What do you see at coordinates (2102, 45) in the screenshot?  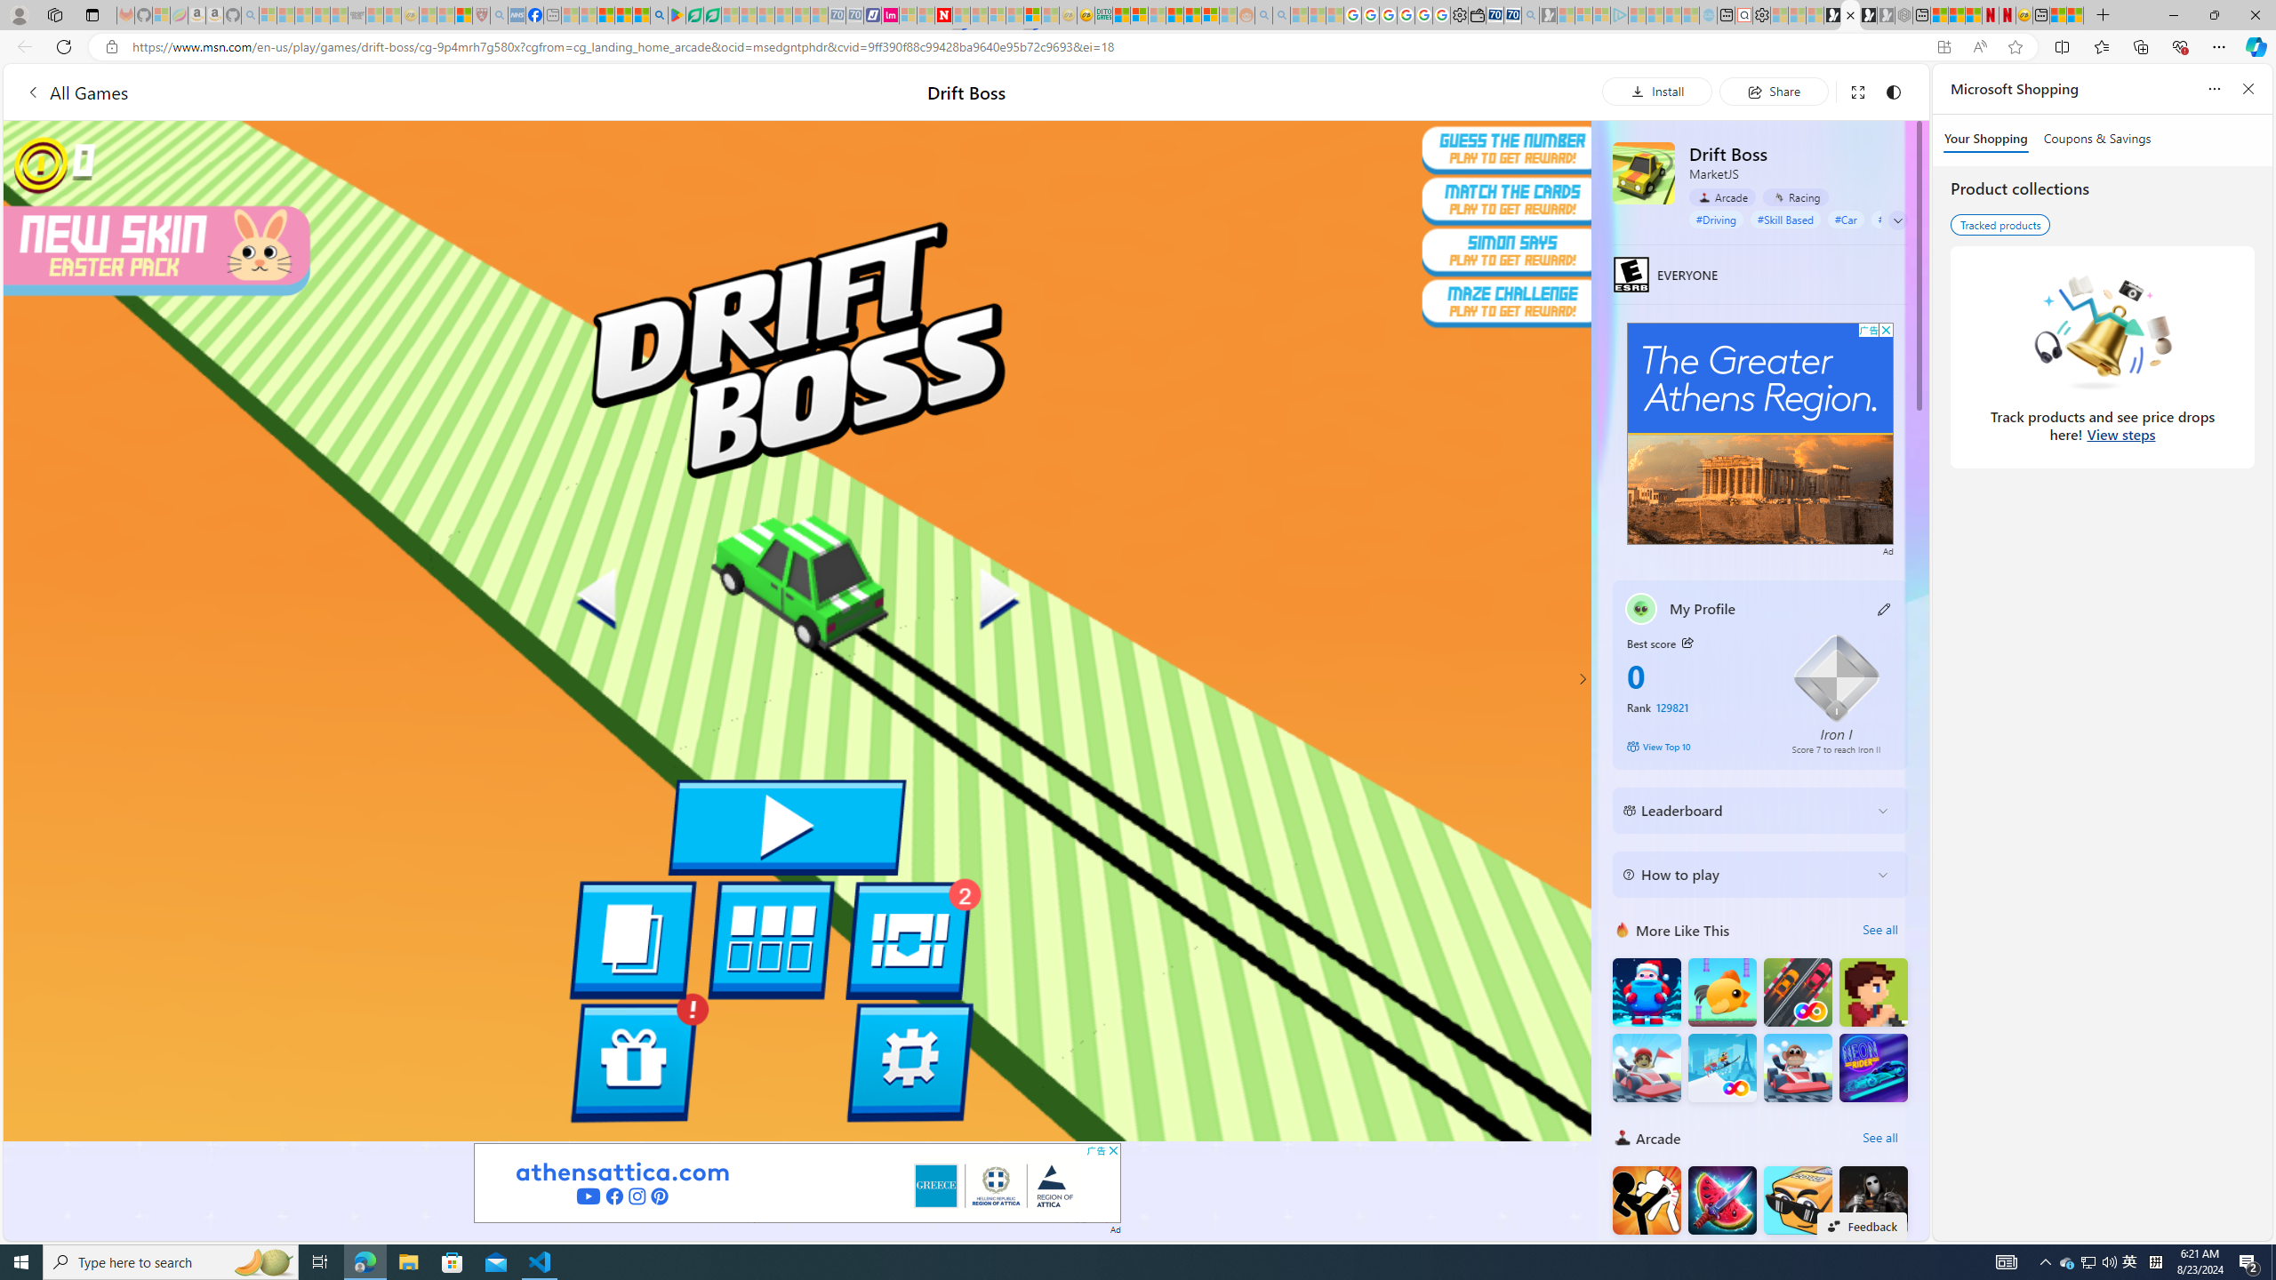 I see `'Favorites'` at bounding box center [2102, 45].